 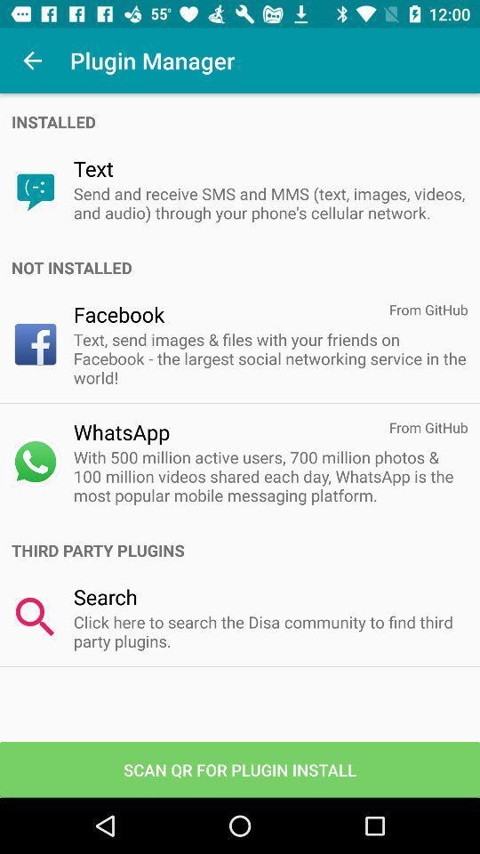 What do you see at coordinates (32, 60) in the screenshot?
I see `the item above installed app` at bounding box center [32, 60].